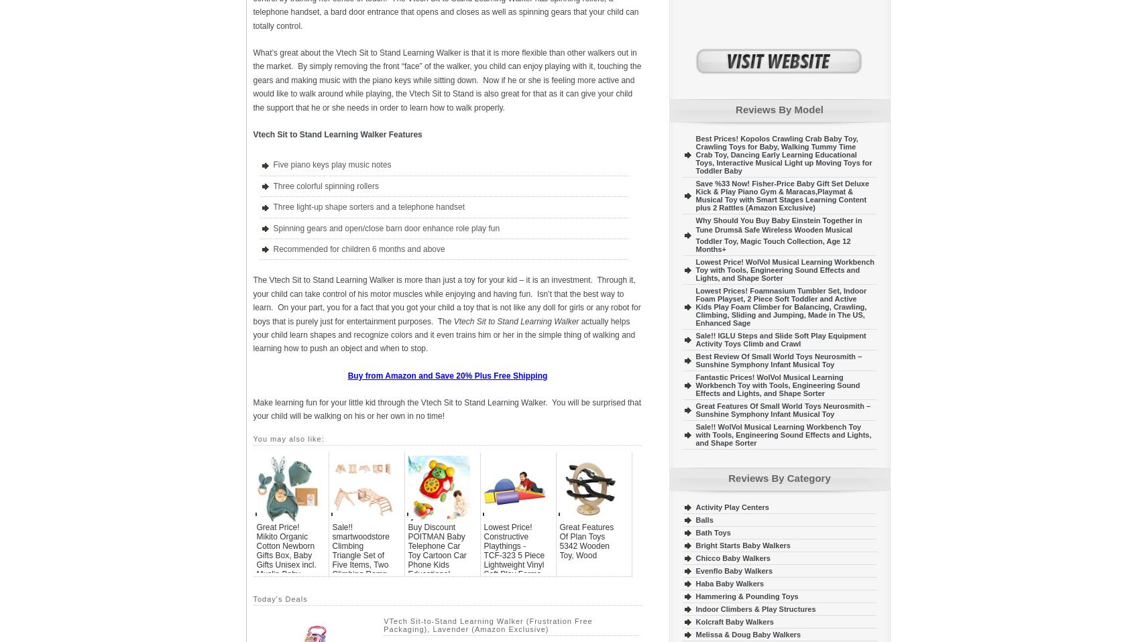 This screenshot has height=642, width=1136. What do you see at coordinates (746, 596) in the screenshot?
I see `'Hammering & Pounding Toys'` at bounding box center [746, 596].